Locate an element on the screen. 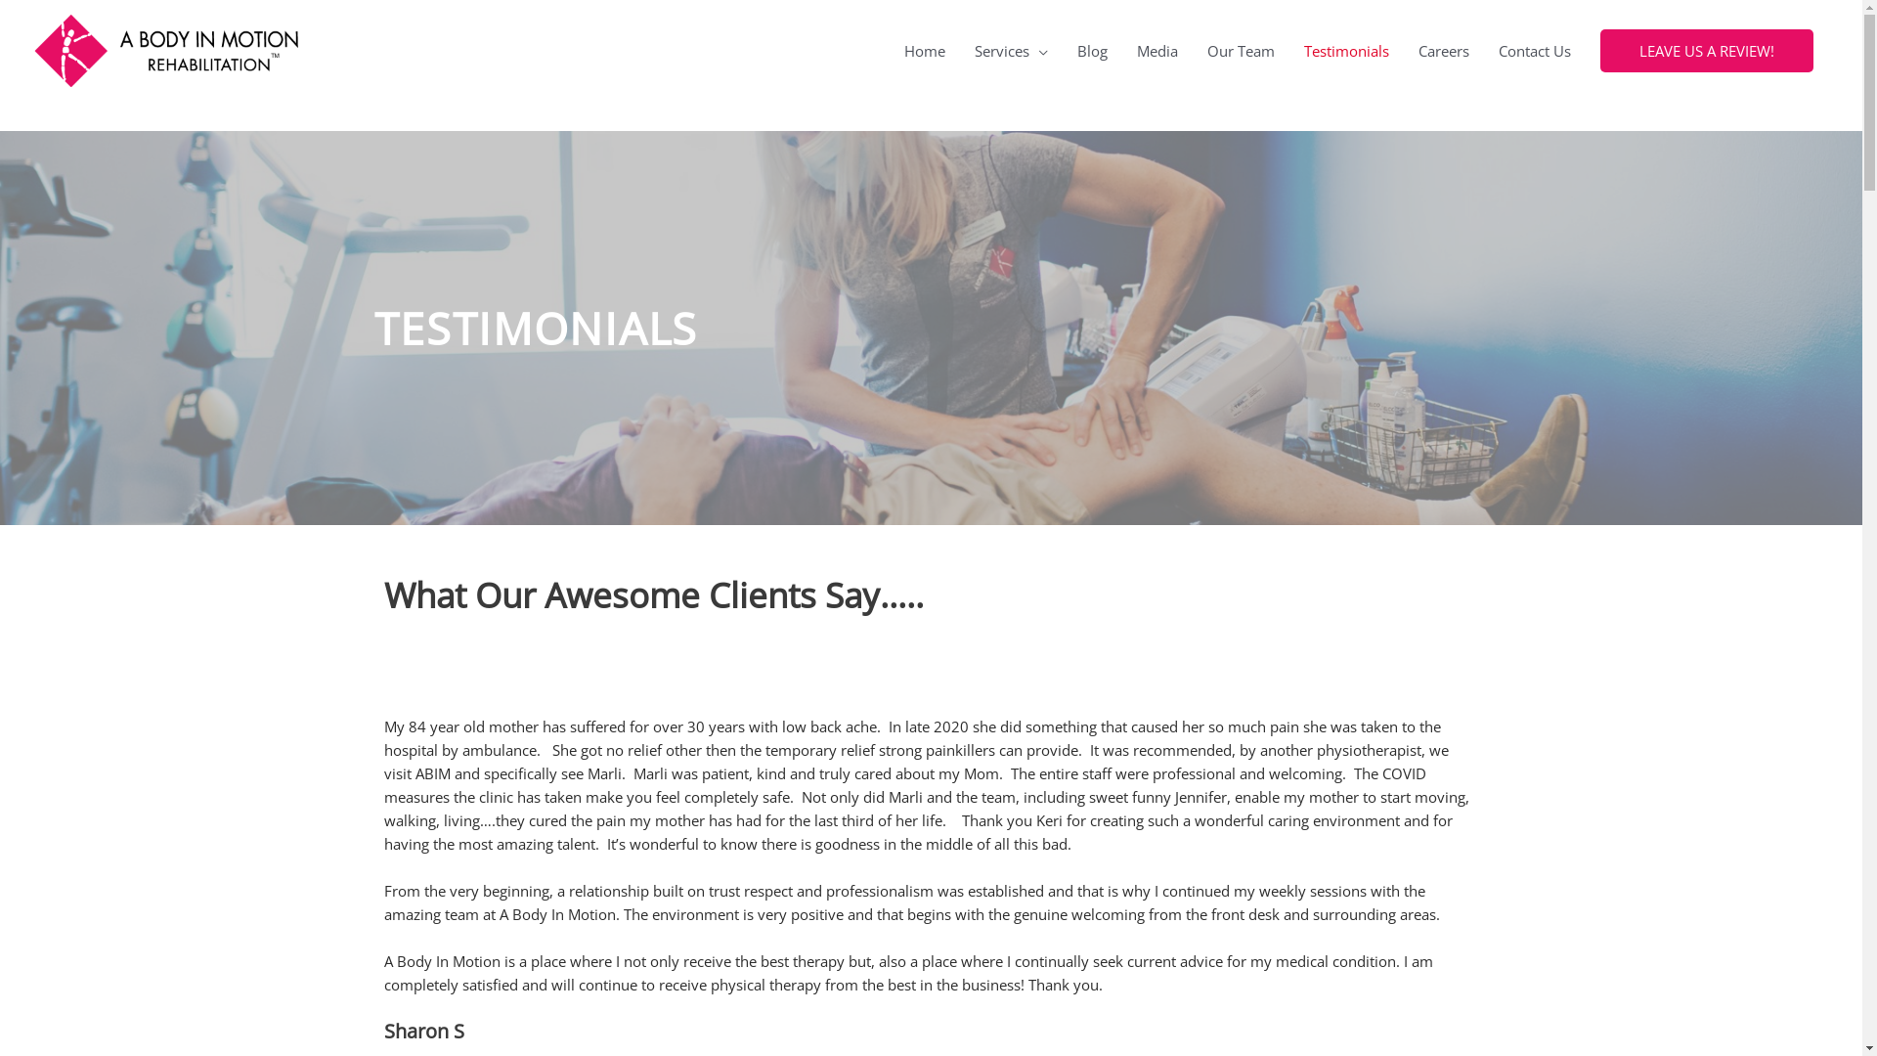 This screenshot has height=1056, width=1877. 'Media' is located at coordinates (1157, 49).